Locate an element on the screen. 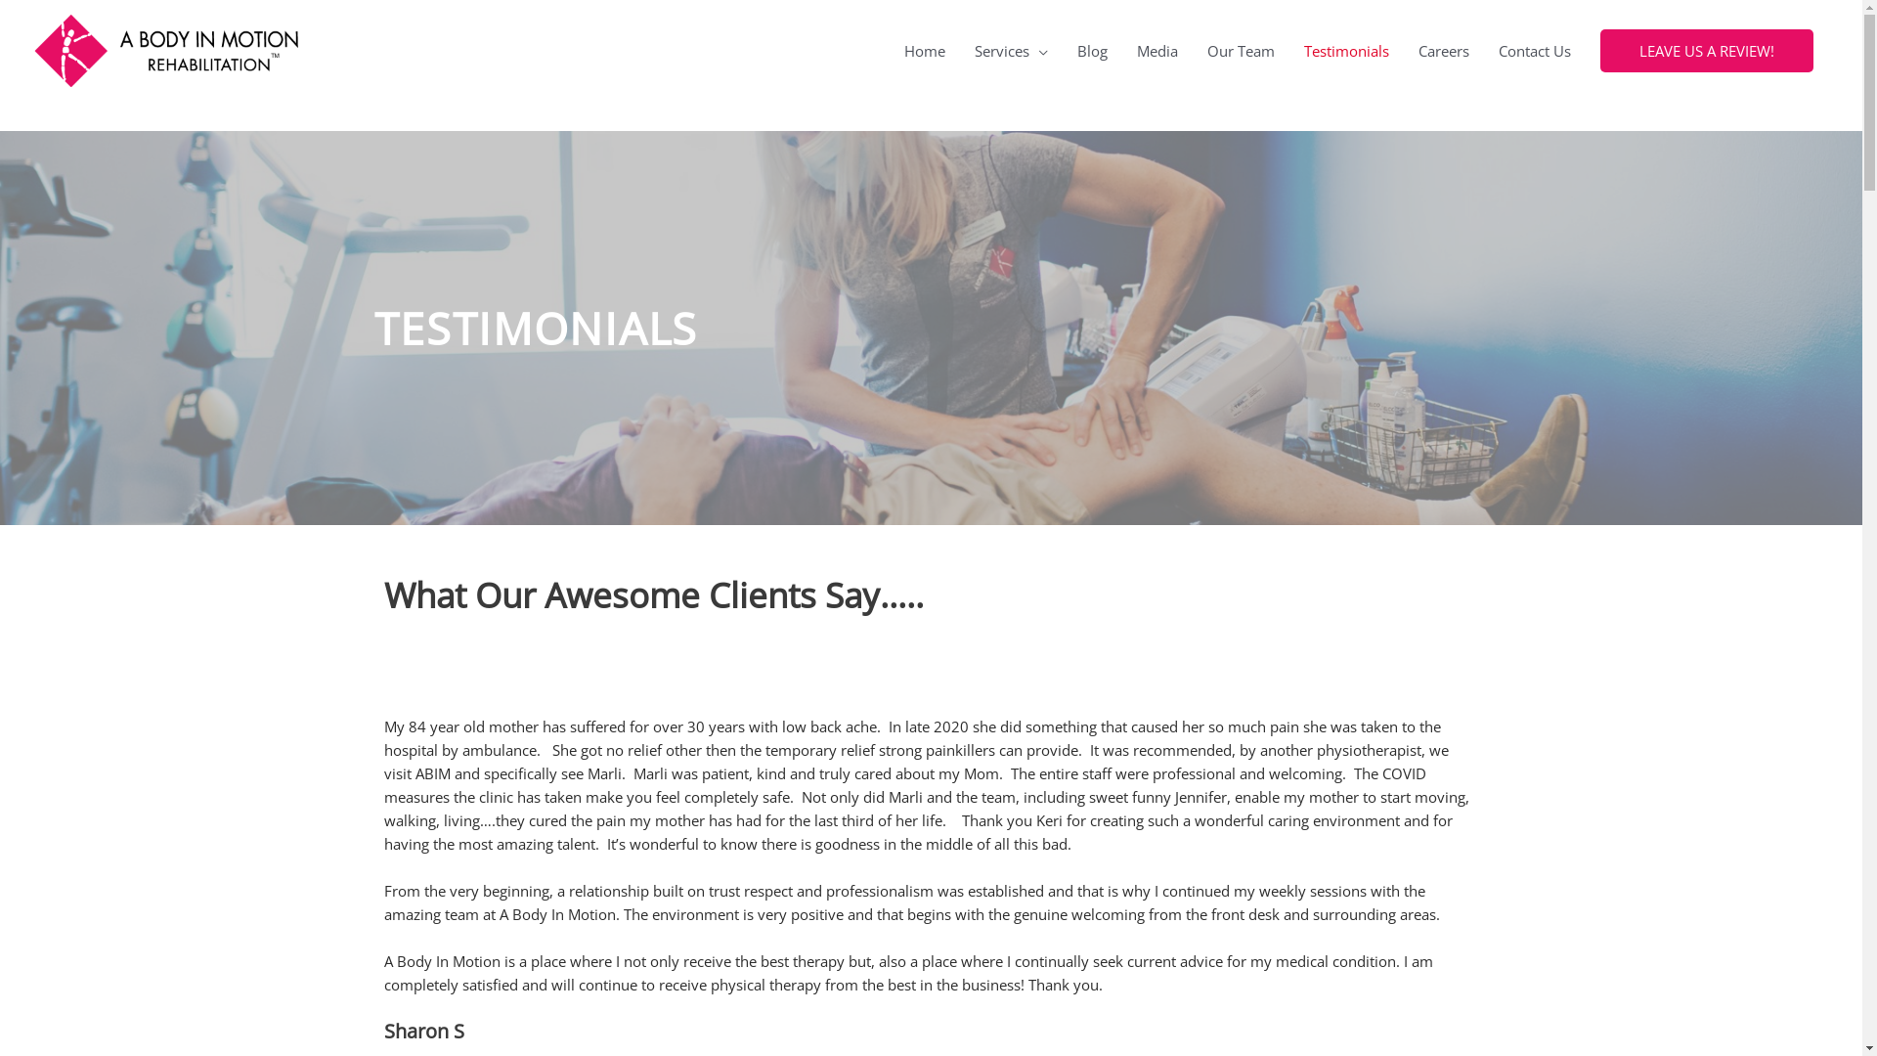 This screenshot has height=1056, width=1877. 'Media' is located at coordinates (1157, 49).